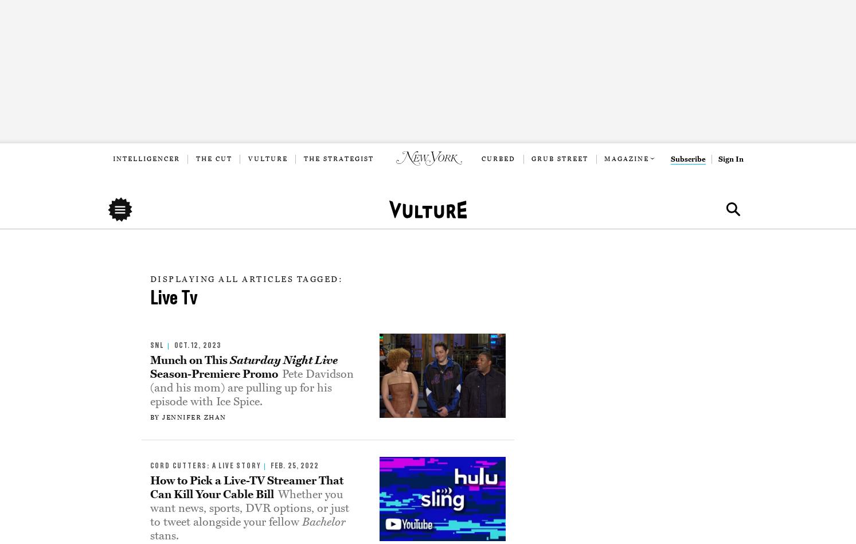  Describe the element at coordinates (195, 158) in the screenshot. I see `'The Cut'` at that location.